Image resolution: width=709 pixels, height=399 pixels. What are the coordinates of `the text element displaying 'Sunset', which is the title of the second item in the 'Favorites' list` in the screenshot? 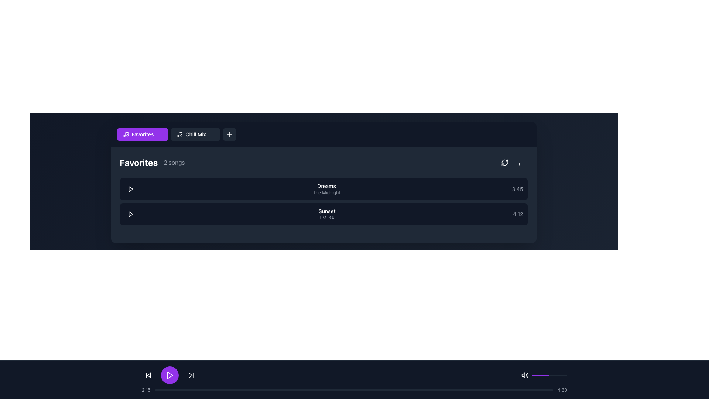 It's located at (326, 211).